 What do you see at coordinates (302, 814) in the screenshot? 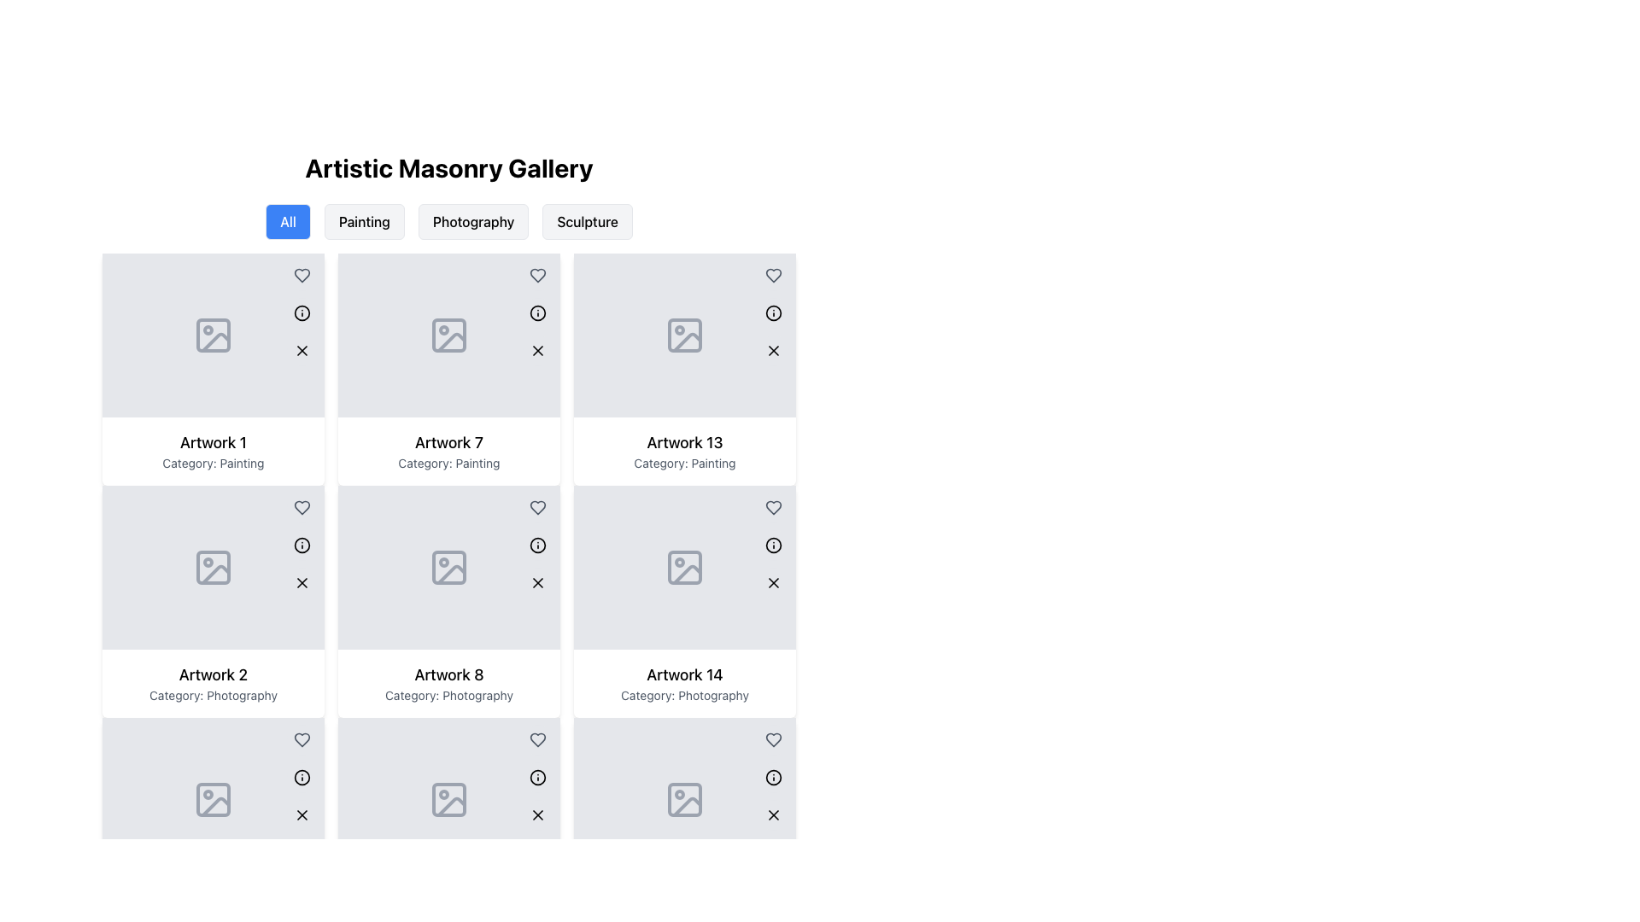
I see `the 'X' icon for close or remove functionality located at the bottom-right corner of the 'Artwork 2' card` at bounding box center [302, 814].